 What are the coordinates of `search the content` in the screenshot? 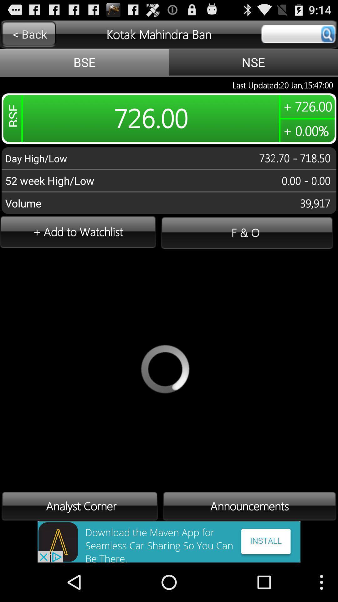 It's located at (298, 34).